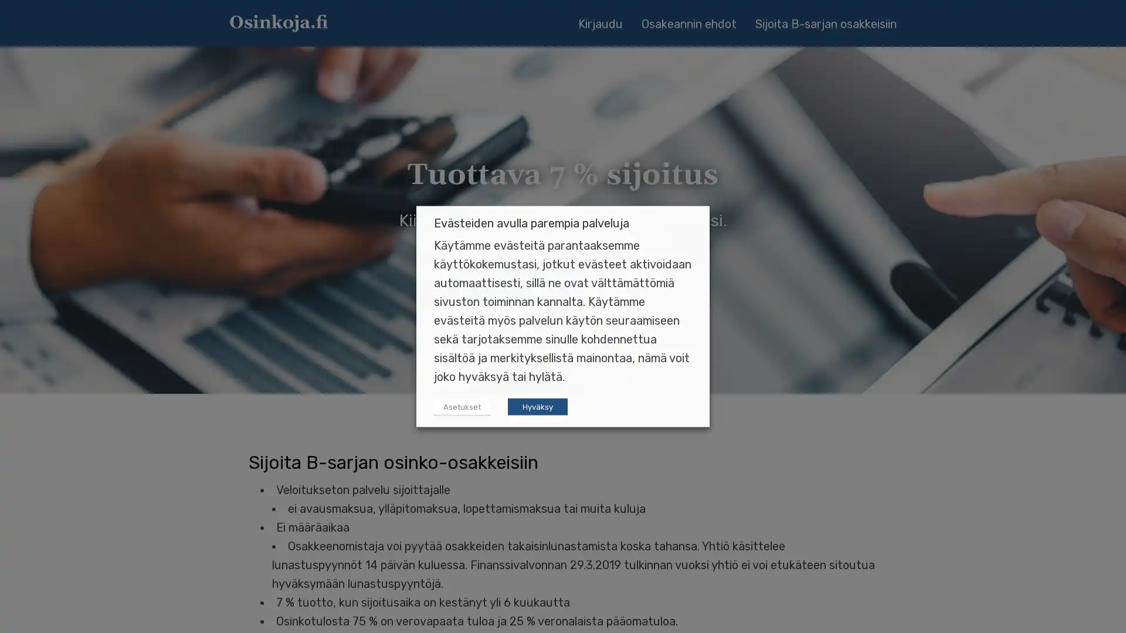  What do you see at coordinates (461, 406) in the screenshot?
I see `Asetukset` at bounding box center [461, 406].